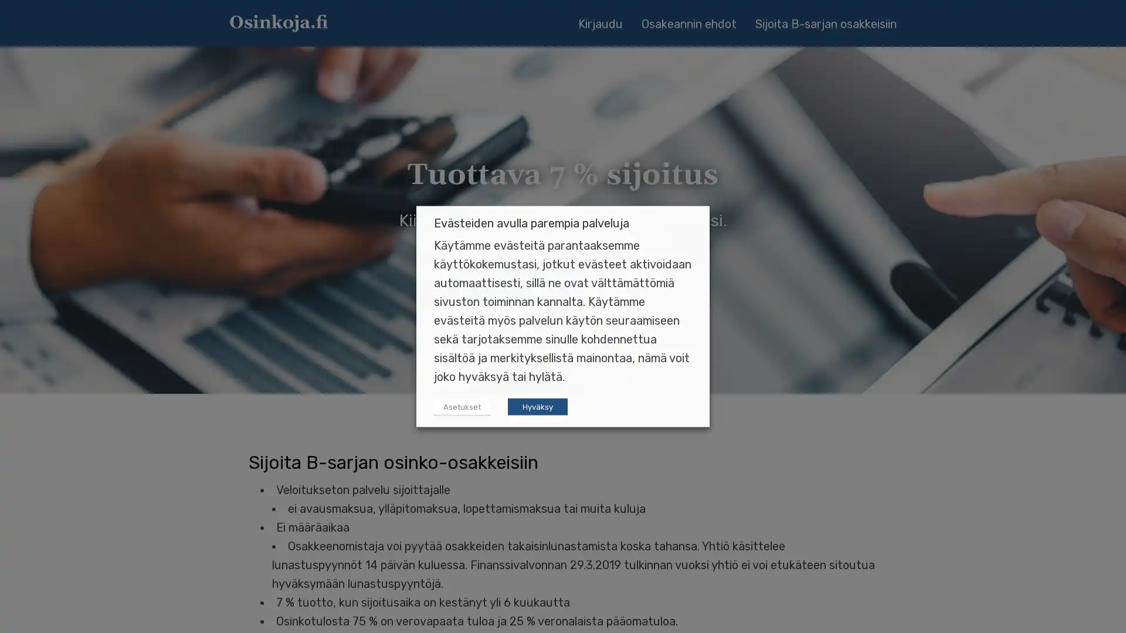  What do you see at coordinates (461, 406) in the screenshot?
I see `Asetukset` at bounding box center [461, 406].